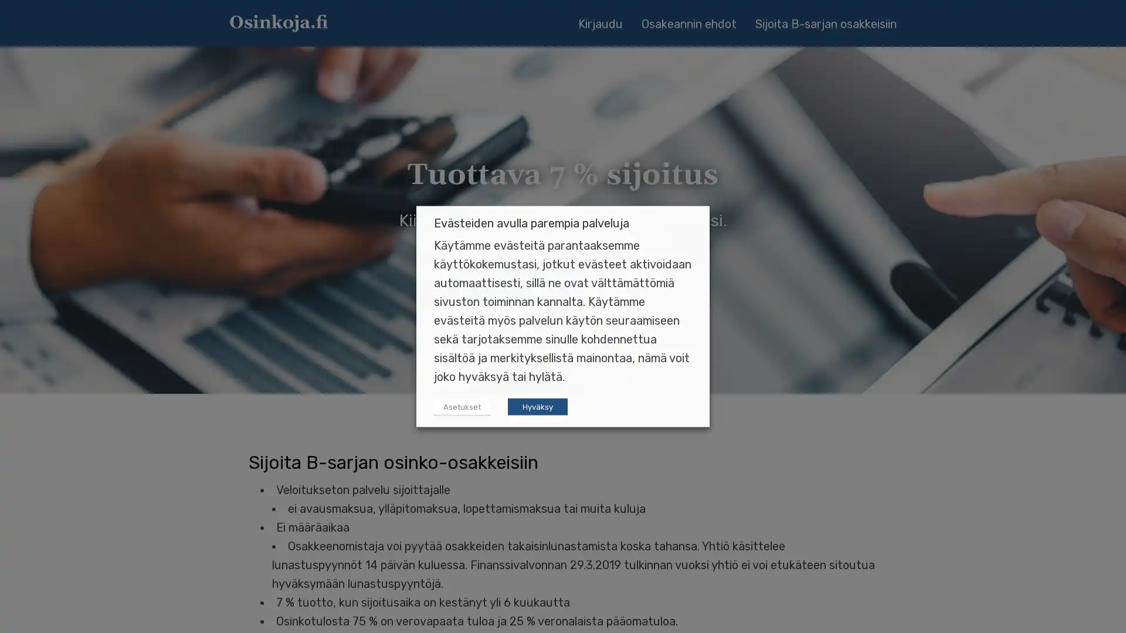  What do you see at coordinates (461, 406) in the screenshot?
I see `Asetukset` at bounding box center [461, 406].